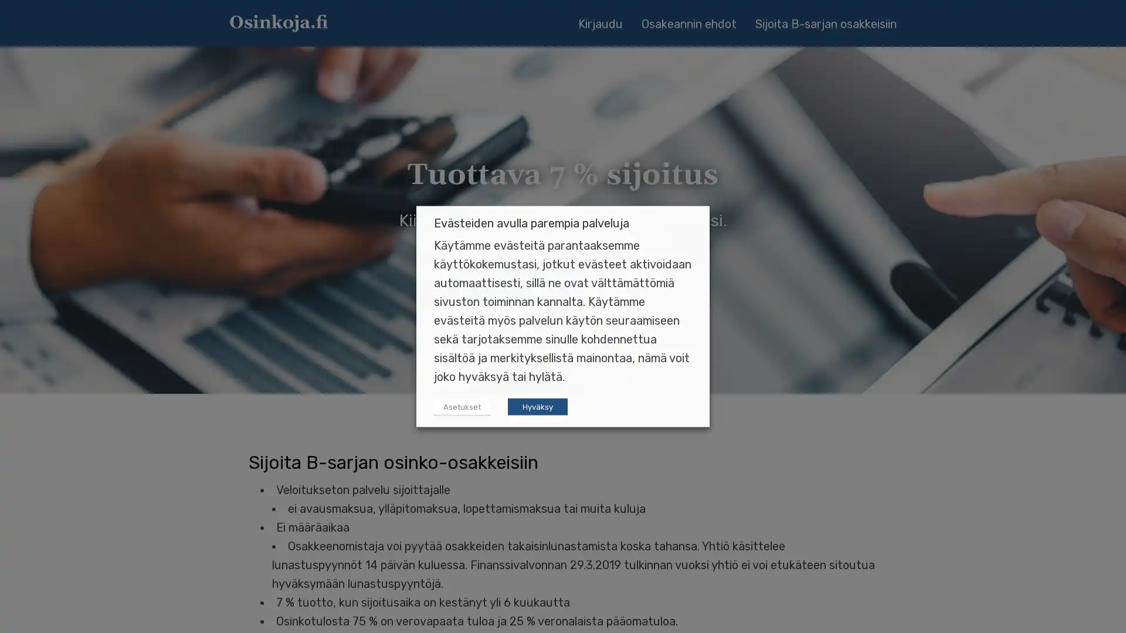  What do you see at coordinates (461, 406) in the screenshot?
I see `Asetukset` at bounding box center [461, 406].